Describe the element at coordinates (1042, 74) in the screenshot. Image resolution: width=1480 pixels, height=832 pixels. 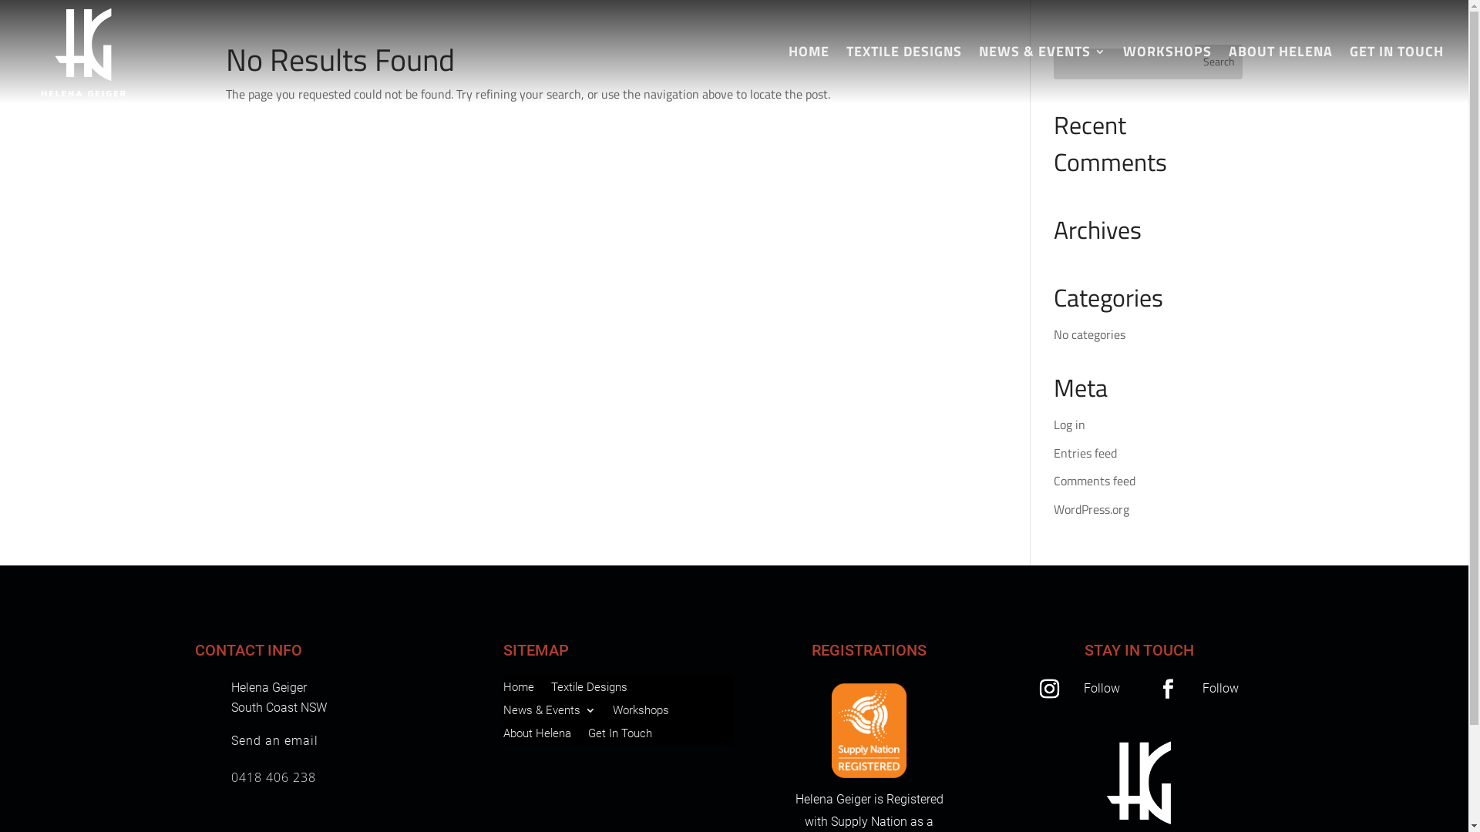
I see `'NEWS & EVENTS'` at that location.